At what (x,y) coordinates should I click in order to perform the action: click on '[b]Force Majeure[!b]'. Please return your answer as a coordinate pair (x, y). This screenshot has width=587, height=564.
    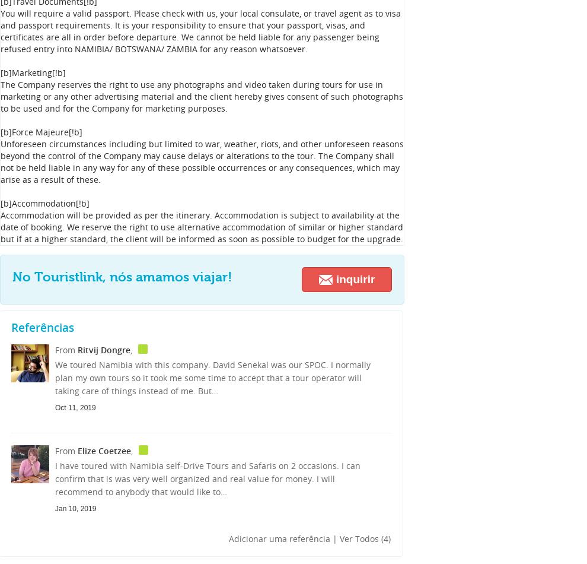
    Looking at the image, I should click on (0, 132).